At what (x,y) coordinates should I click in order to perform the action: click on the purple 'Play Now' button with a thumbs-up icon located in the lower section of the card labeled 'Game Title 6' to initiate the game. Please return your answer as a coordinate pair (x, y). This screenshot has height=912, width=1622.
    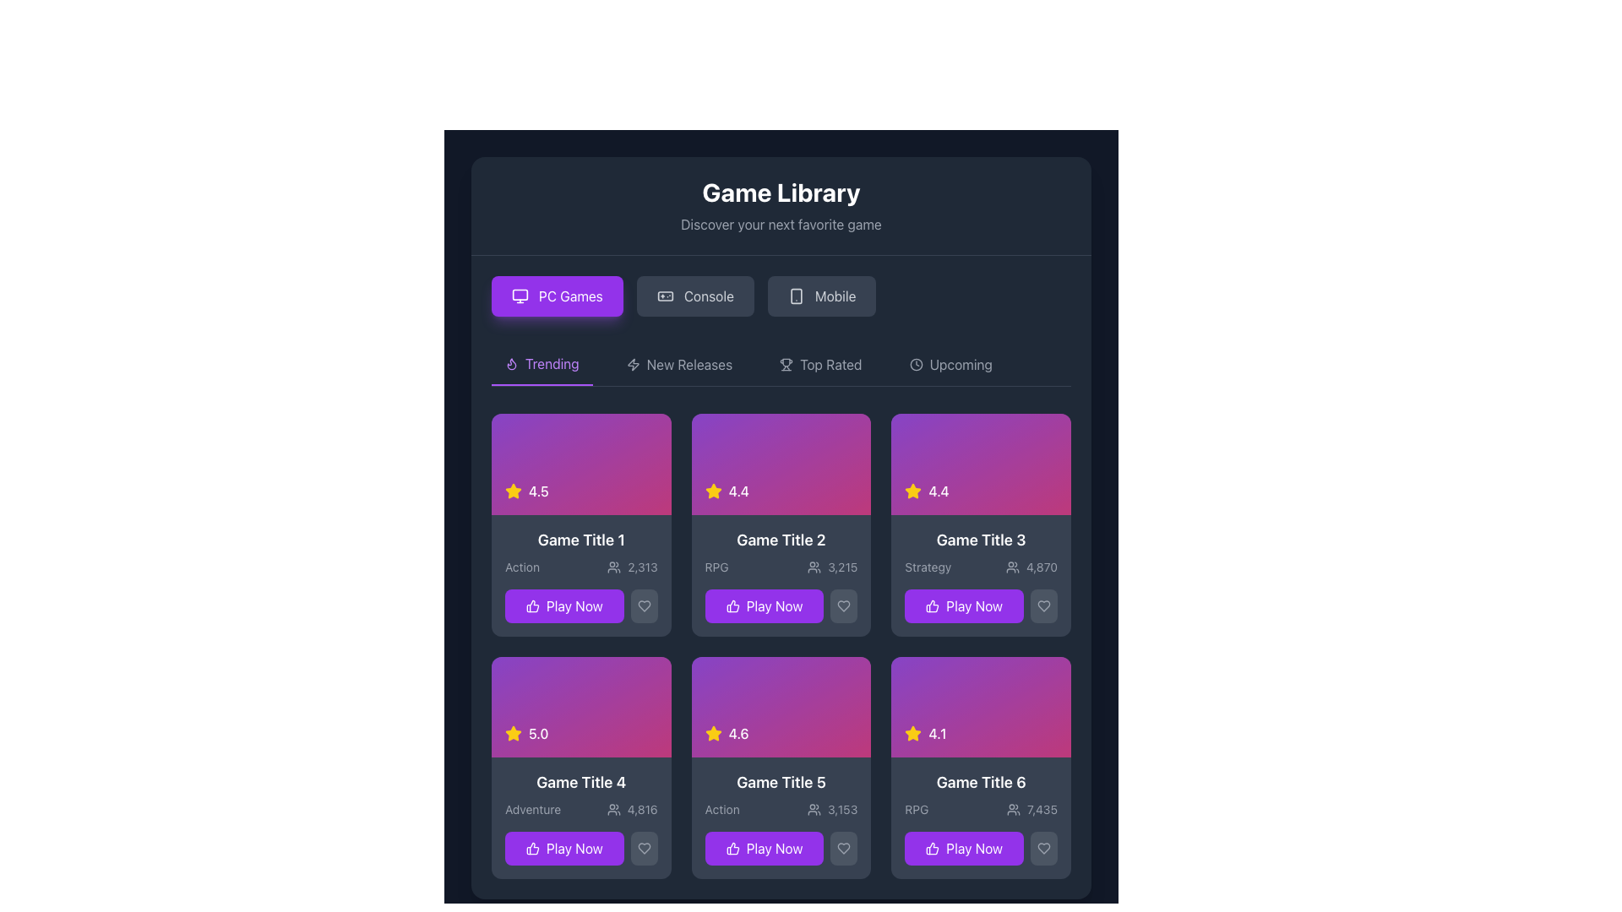
    Looking at the image, I should click on (981, 849).